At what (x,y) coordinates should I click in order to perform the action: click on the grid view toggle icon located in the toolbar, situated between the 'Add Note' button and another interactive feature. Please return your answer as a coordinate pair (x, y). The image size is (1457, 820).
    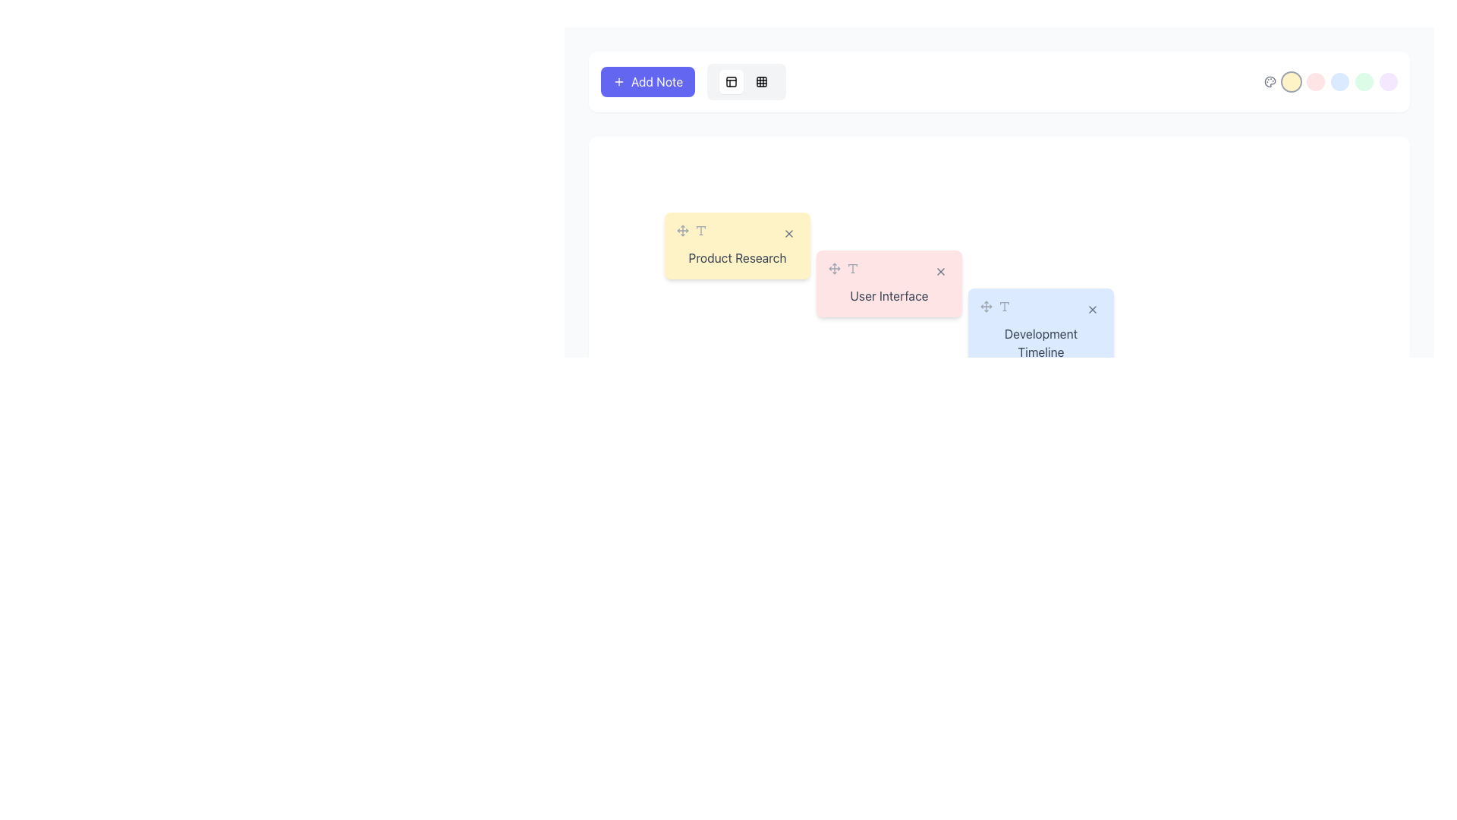
    Looking at the image, I should click on (762, 82).